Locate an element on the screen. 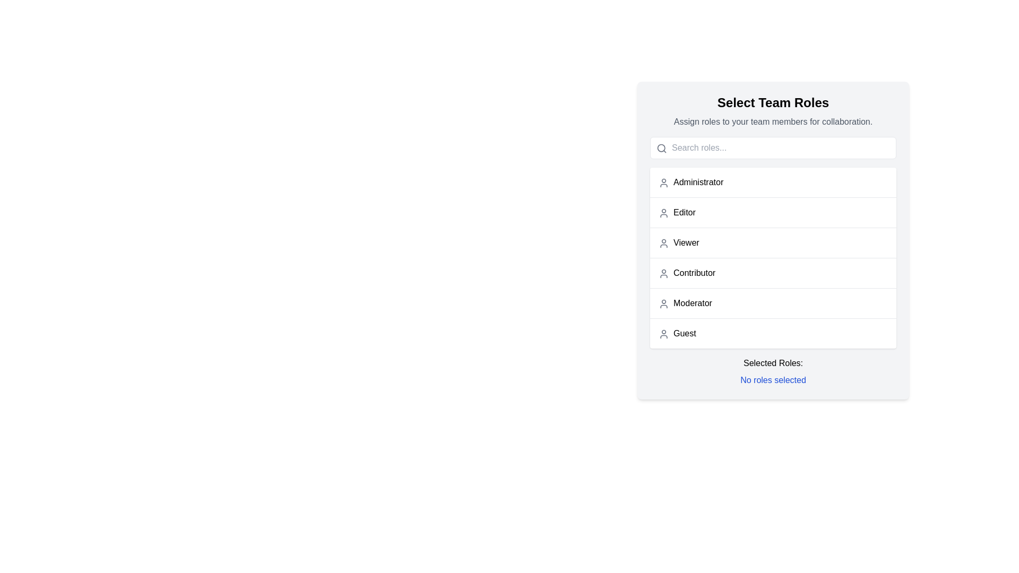 The height and width of the screenshot is (573, 1019). the text label containing 'Assign roles to your team members for collaboration.' located below the heading 'Select Team Roles' is located at coordinates (773, 121).